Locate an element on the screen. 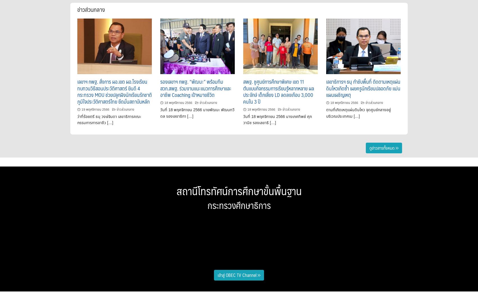 This screenshot has width=478, height=294. 'ว่าที่ร้อยตรี ธนุ วงษ์จินดา เลขาธิการคณะกรรมการการอาชีว […]' is located at coordinates (109, 119).